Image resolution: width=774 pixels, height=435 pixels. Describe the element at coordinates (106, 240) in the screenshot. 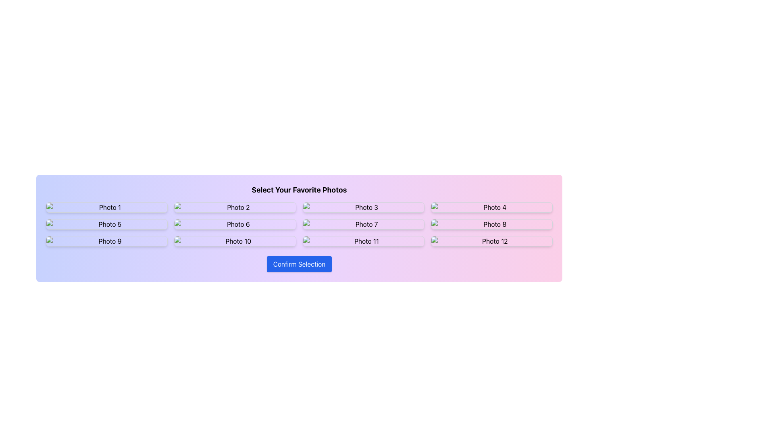

I see `the image icon labeled 'Photo 9' located` at that location.